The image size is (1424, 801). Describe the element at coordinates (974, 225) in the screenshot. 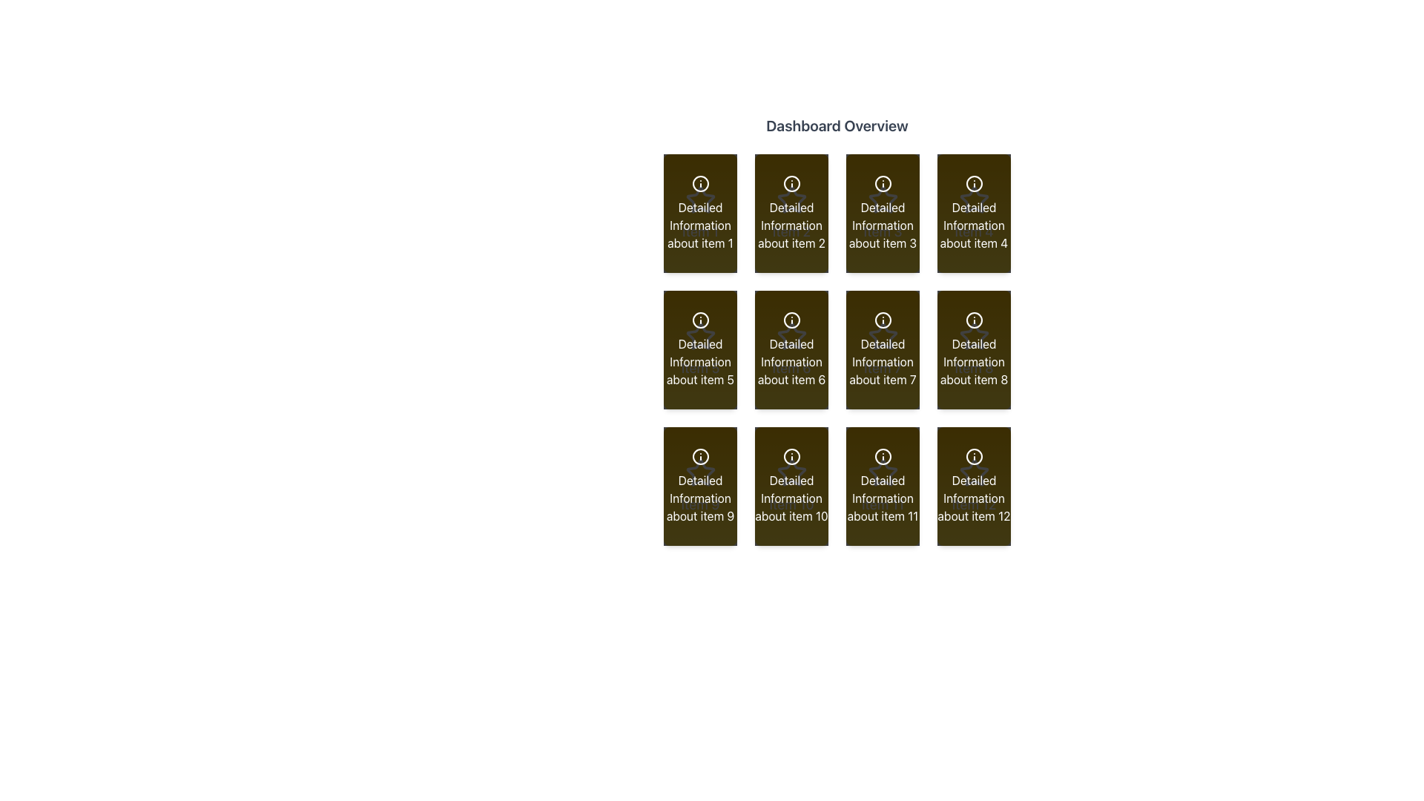

I see `the textual label element that provides a descriptive title for the associated grid item, located in the last position of the first row of a grid layout` at that location.